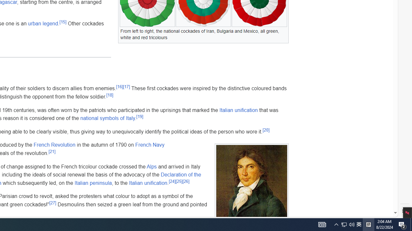  I want to click on '[21]', so click(52, 151).